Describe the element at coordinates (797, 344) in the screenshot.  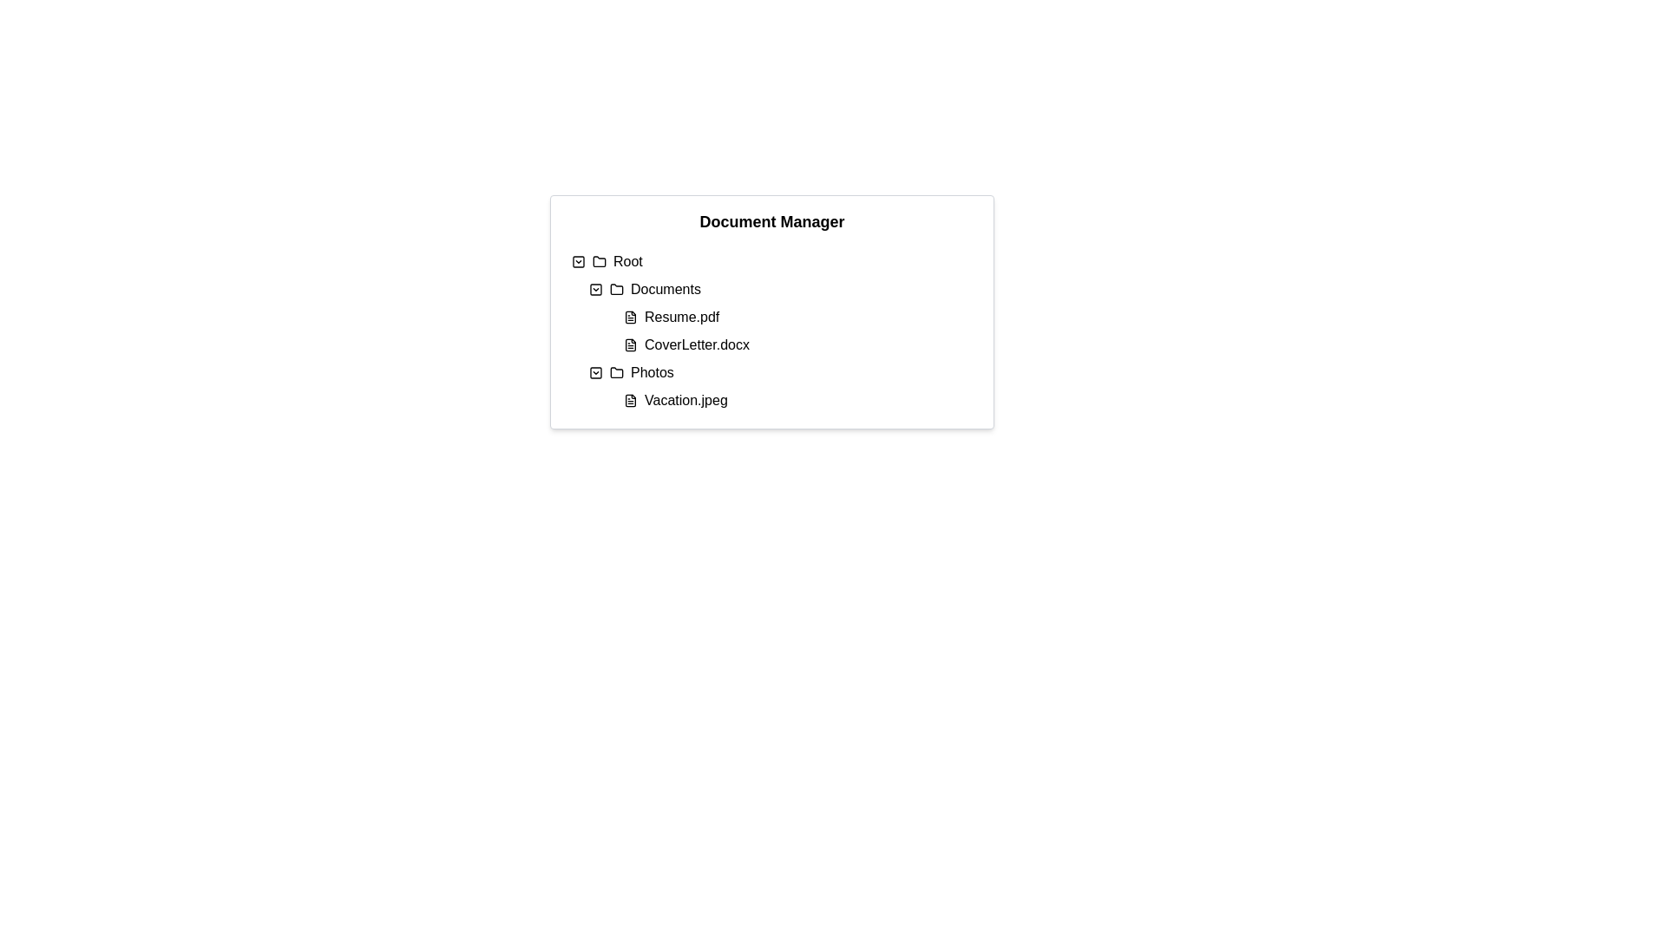
I see `the List item representing the file 'CoverLetter.docx' located in the 'Documents' folder section of the 'Document Manager' interface` at that location.